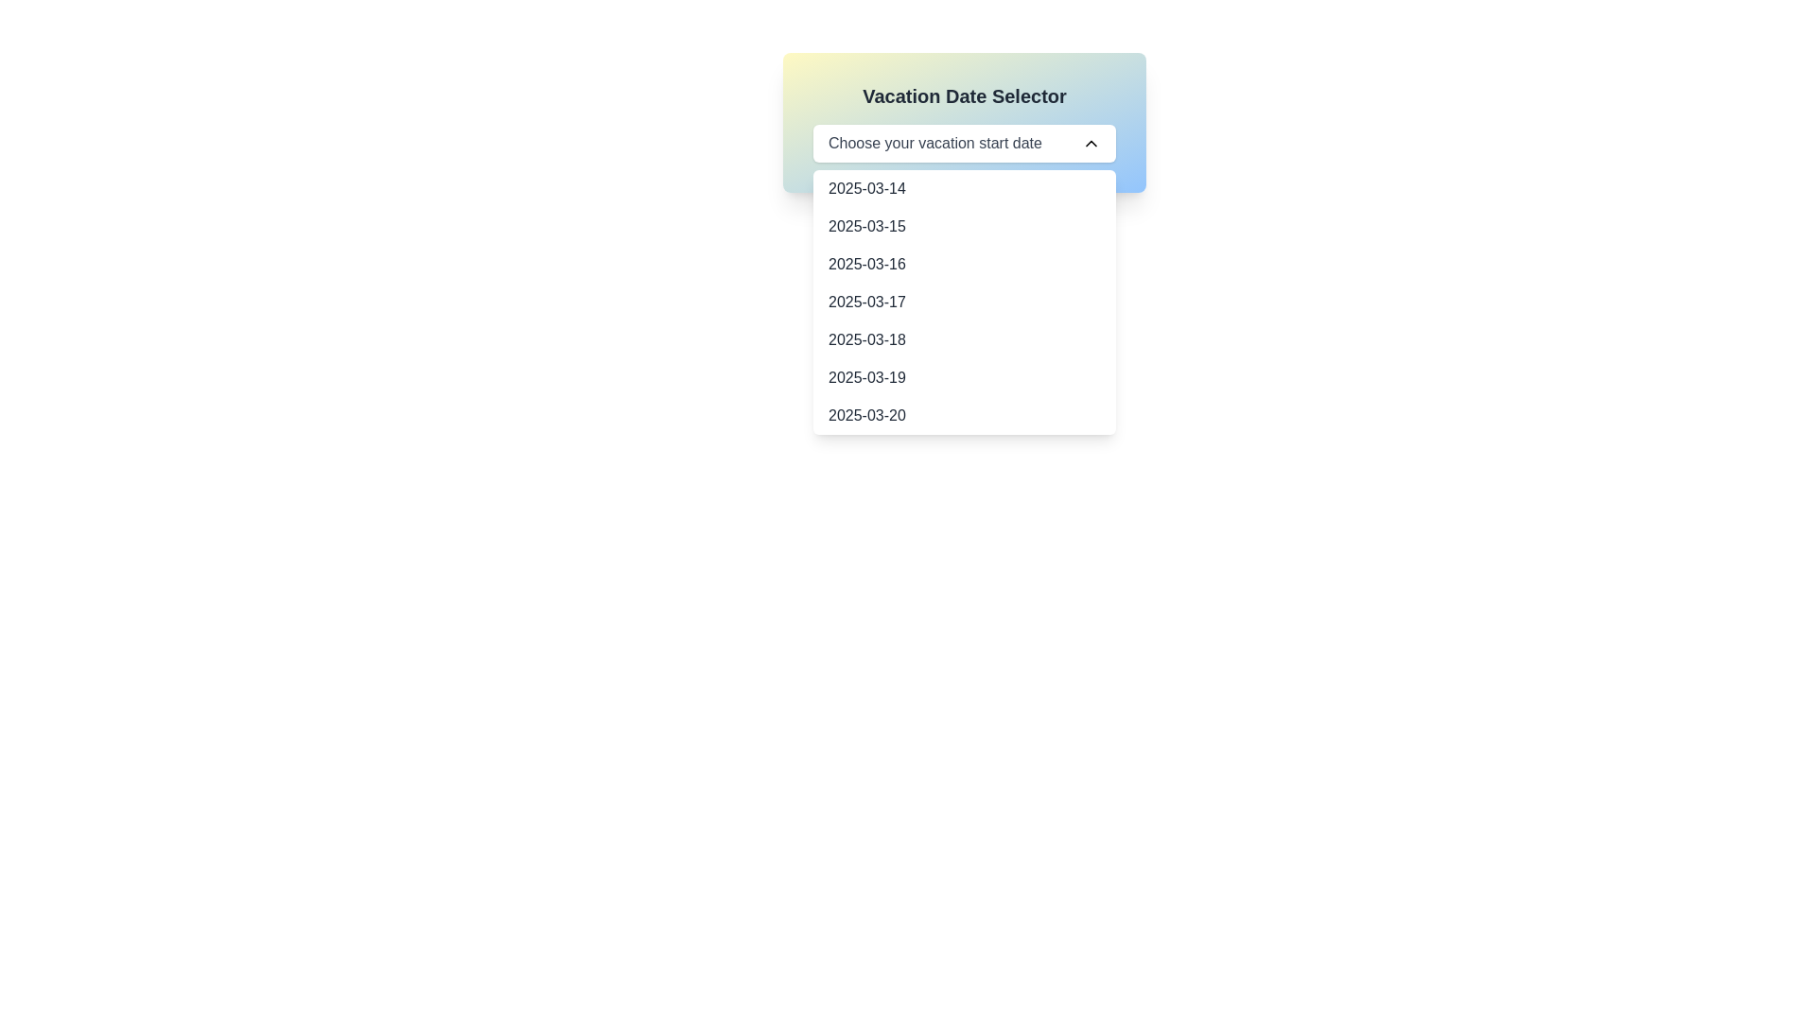 The width and height of the screenshot is (1816, 1021). I want to click on the upward-pointing chevron icon located at the right-hand side of the 'Choose your vacation start date' input field, so click(1091, 142).